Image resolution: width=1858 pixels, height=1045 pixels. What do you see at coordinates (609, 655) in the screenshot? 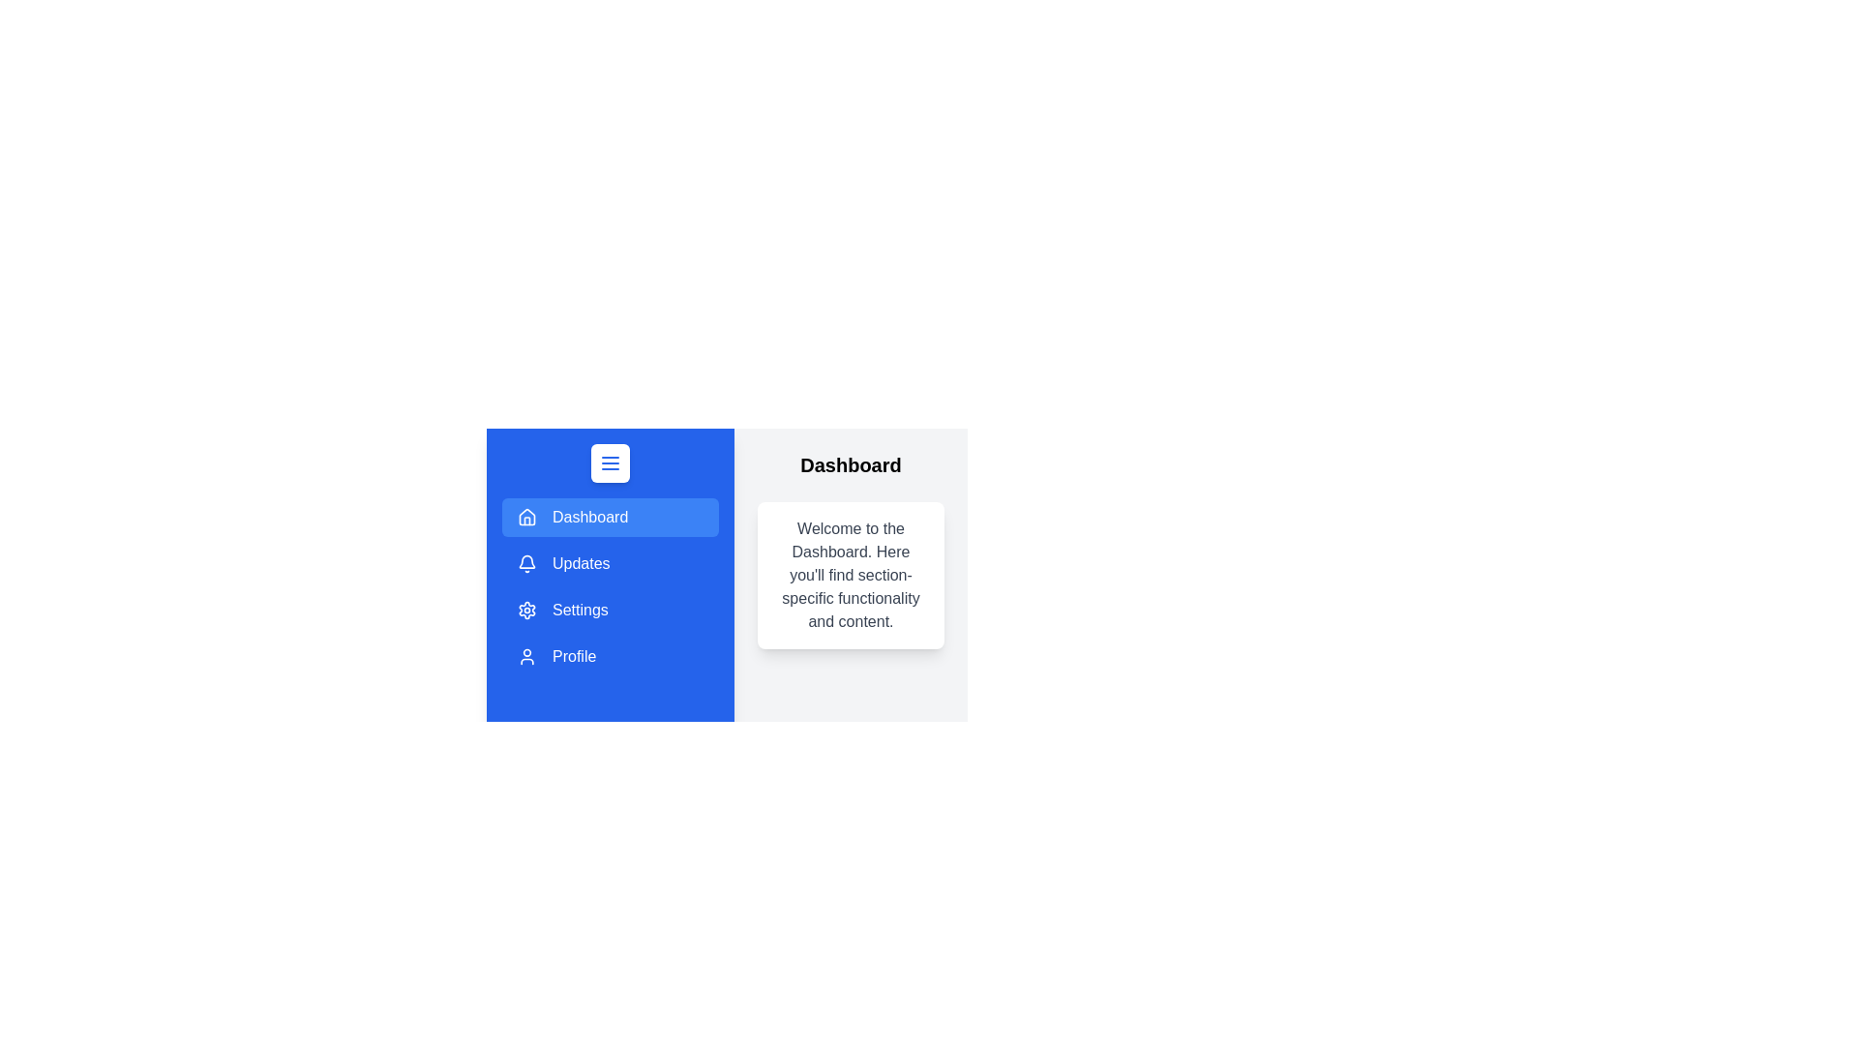
I see `the menu item Profile to navigate to the corresponding page` at bounding box center [609, 655].